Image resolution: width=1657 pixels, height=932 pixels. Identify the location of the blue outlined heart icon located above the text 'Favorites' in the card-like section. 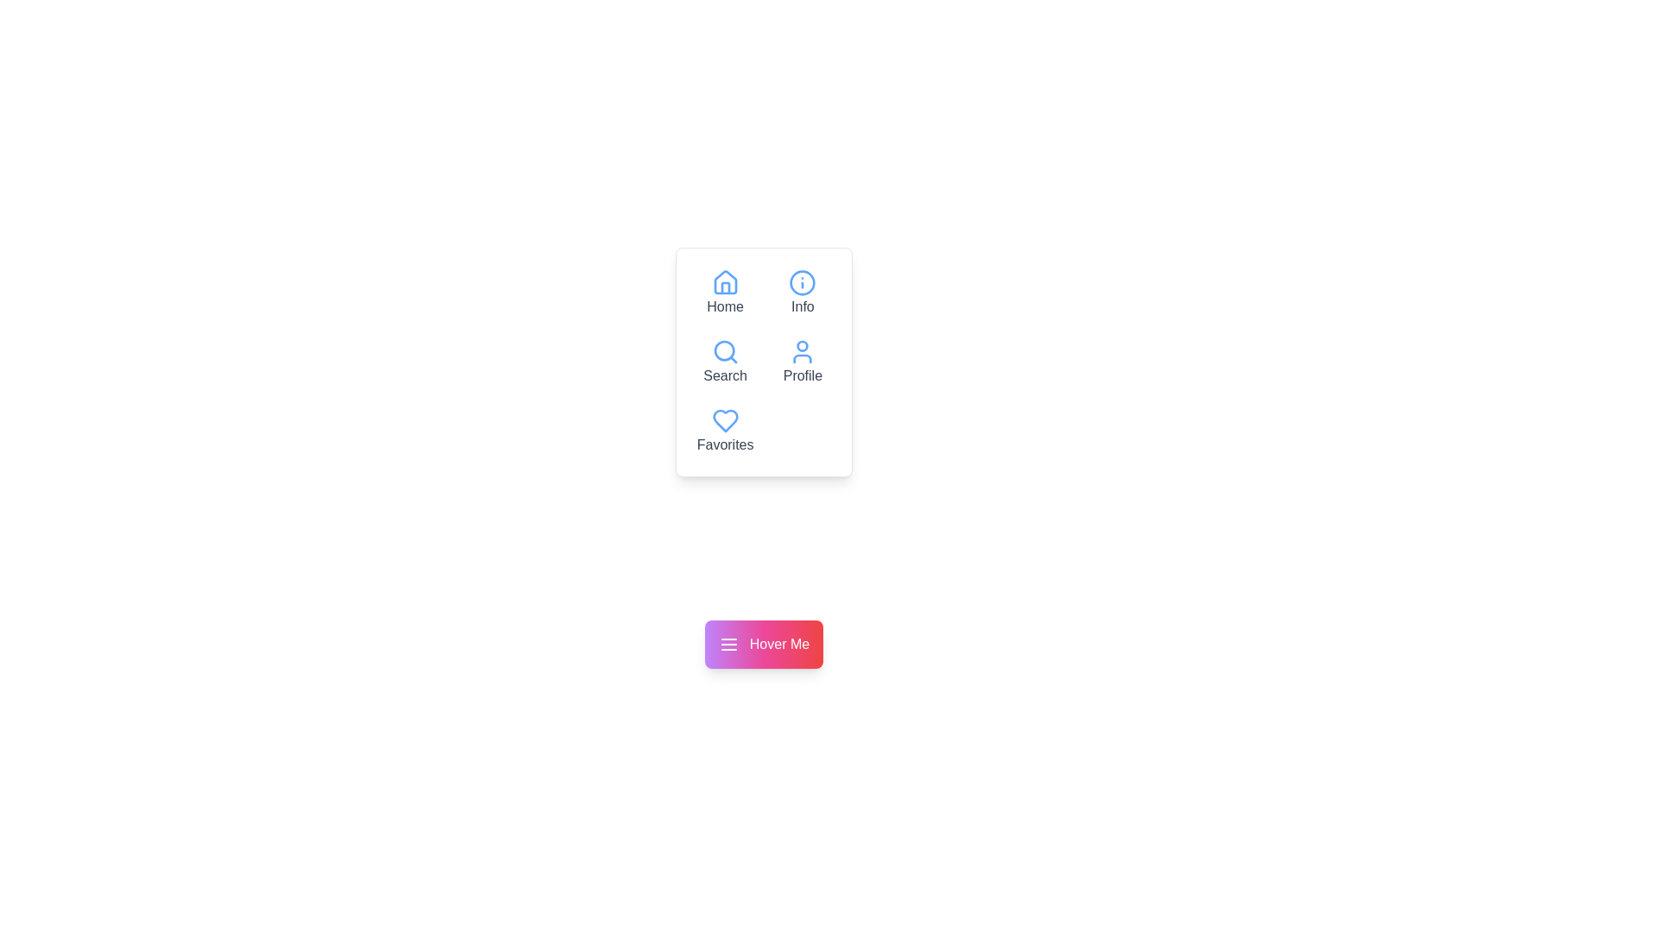
(725, 421).